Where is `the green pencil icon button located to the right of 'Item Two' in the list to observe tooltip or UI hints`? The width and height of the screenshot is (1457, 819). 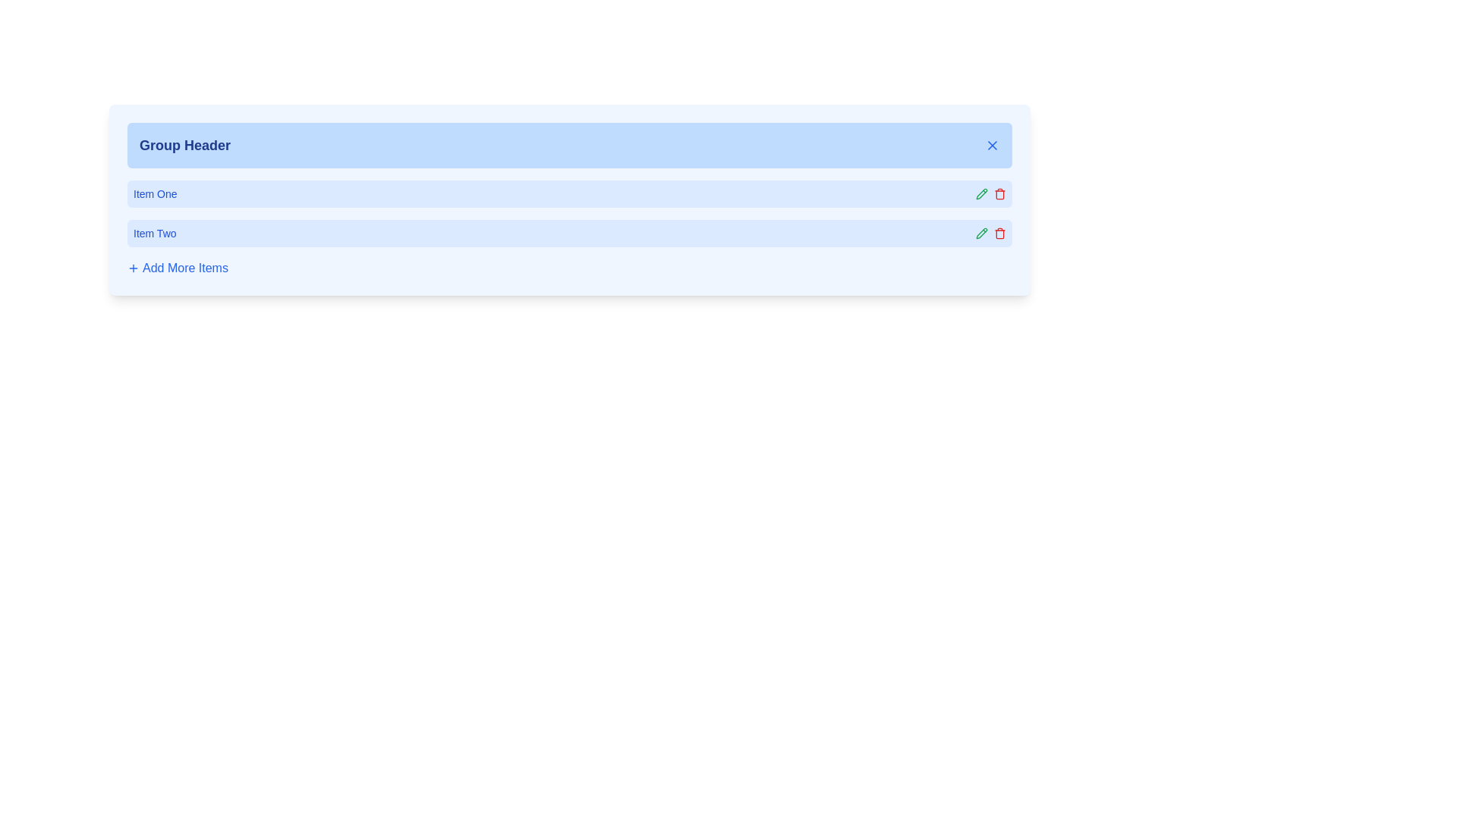
the green pencil icon button located to the right of 'Item Two' in the list to observe tooltip or UI hints is located at coordinates (982, 234).